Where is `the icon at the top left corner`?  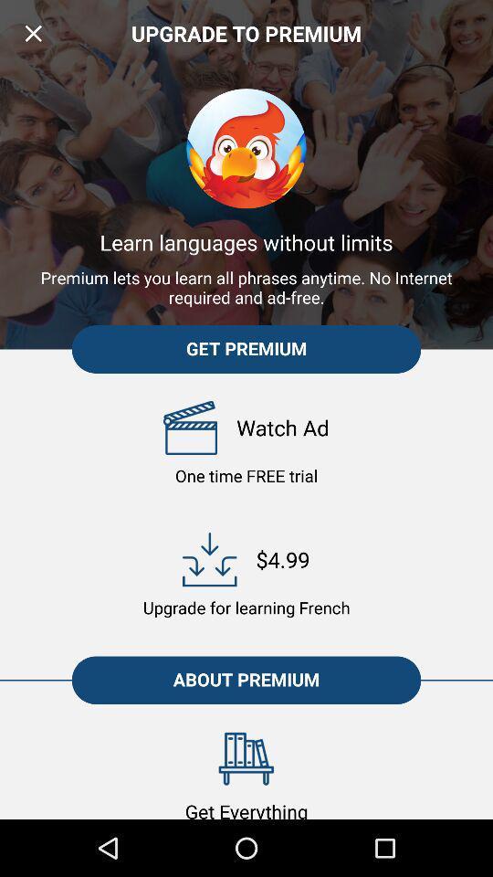 the icon at the top left corner is located at coordinates (33, 32).